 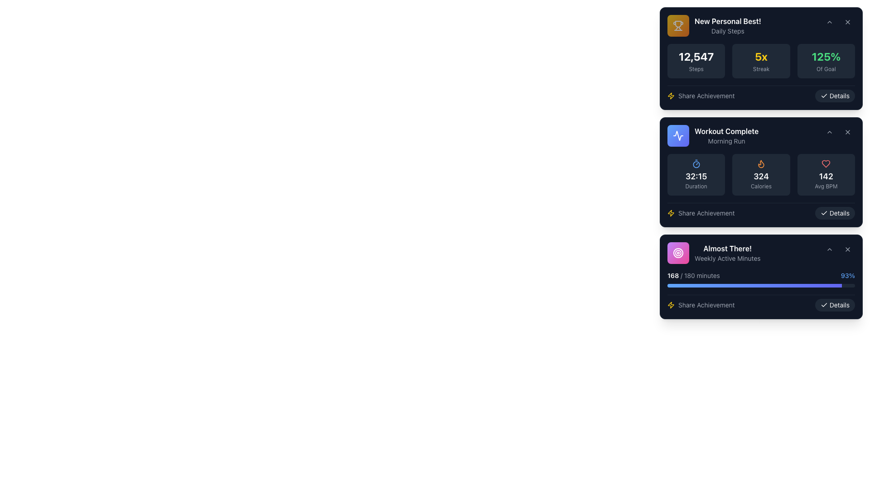 I want to click on the 'close' button located in the top-right corner of the 'New Personal Best!' card under 'Daily Steps', so click(x=847, y=22).